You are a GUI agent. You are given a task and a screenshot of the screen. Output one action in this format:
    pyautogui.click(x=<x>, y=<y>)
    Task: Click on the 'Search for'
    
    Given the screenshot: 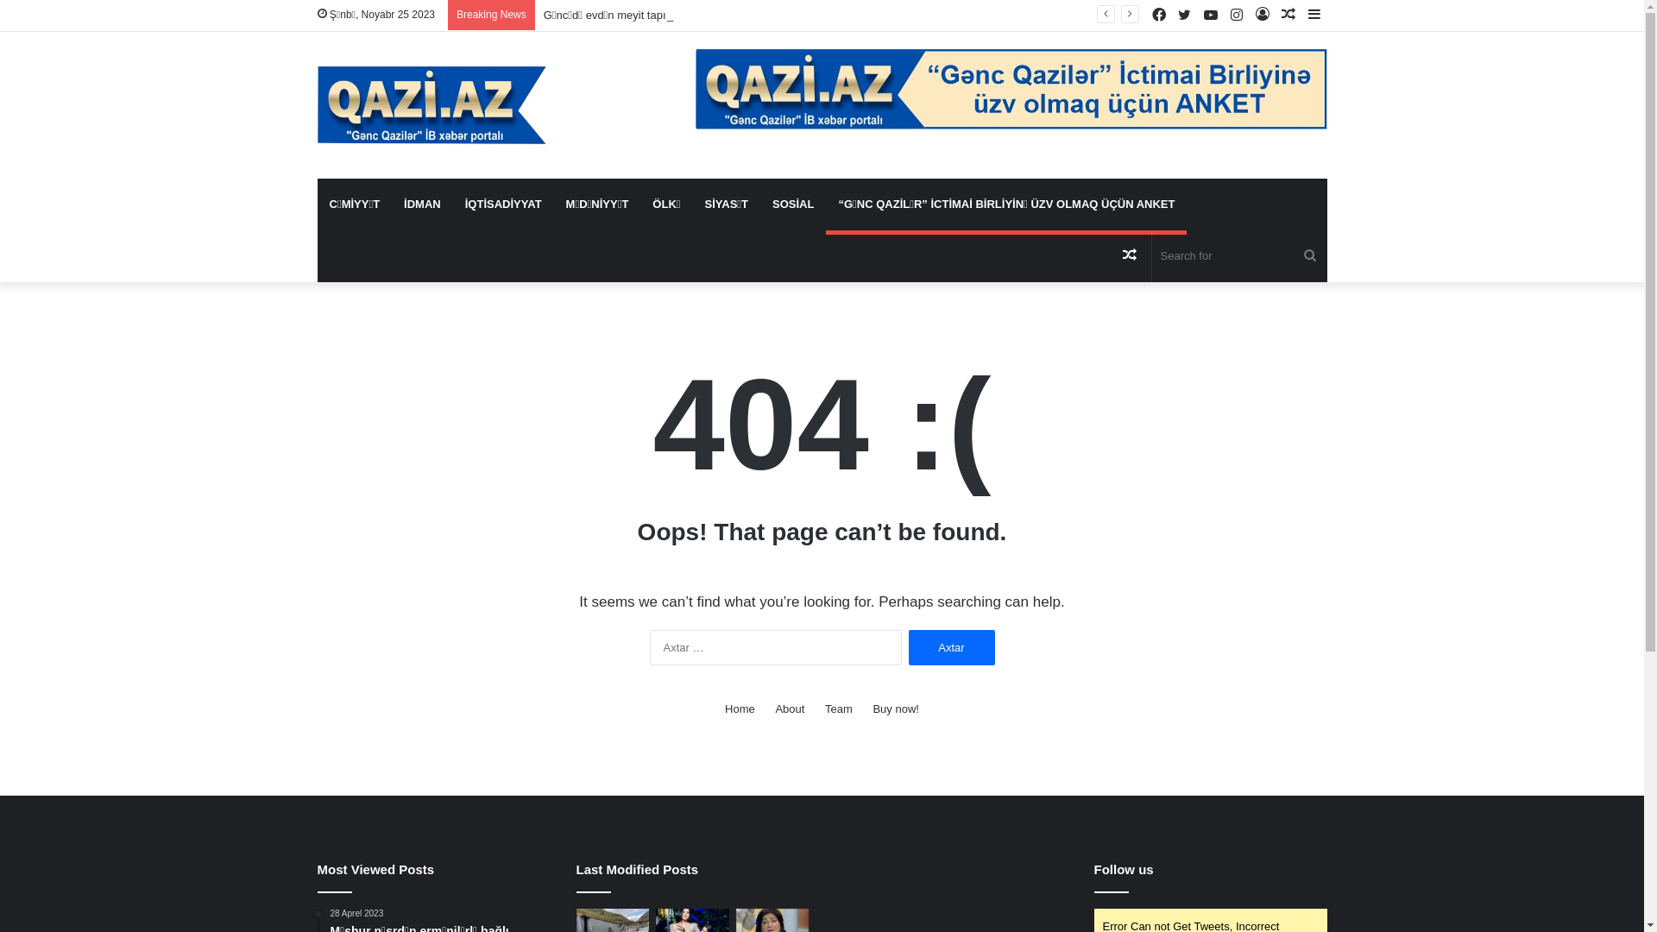 What is the action you would take?
    pyautogui.click(x=1238, y=256)
    